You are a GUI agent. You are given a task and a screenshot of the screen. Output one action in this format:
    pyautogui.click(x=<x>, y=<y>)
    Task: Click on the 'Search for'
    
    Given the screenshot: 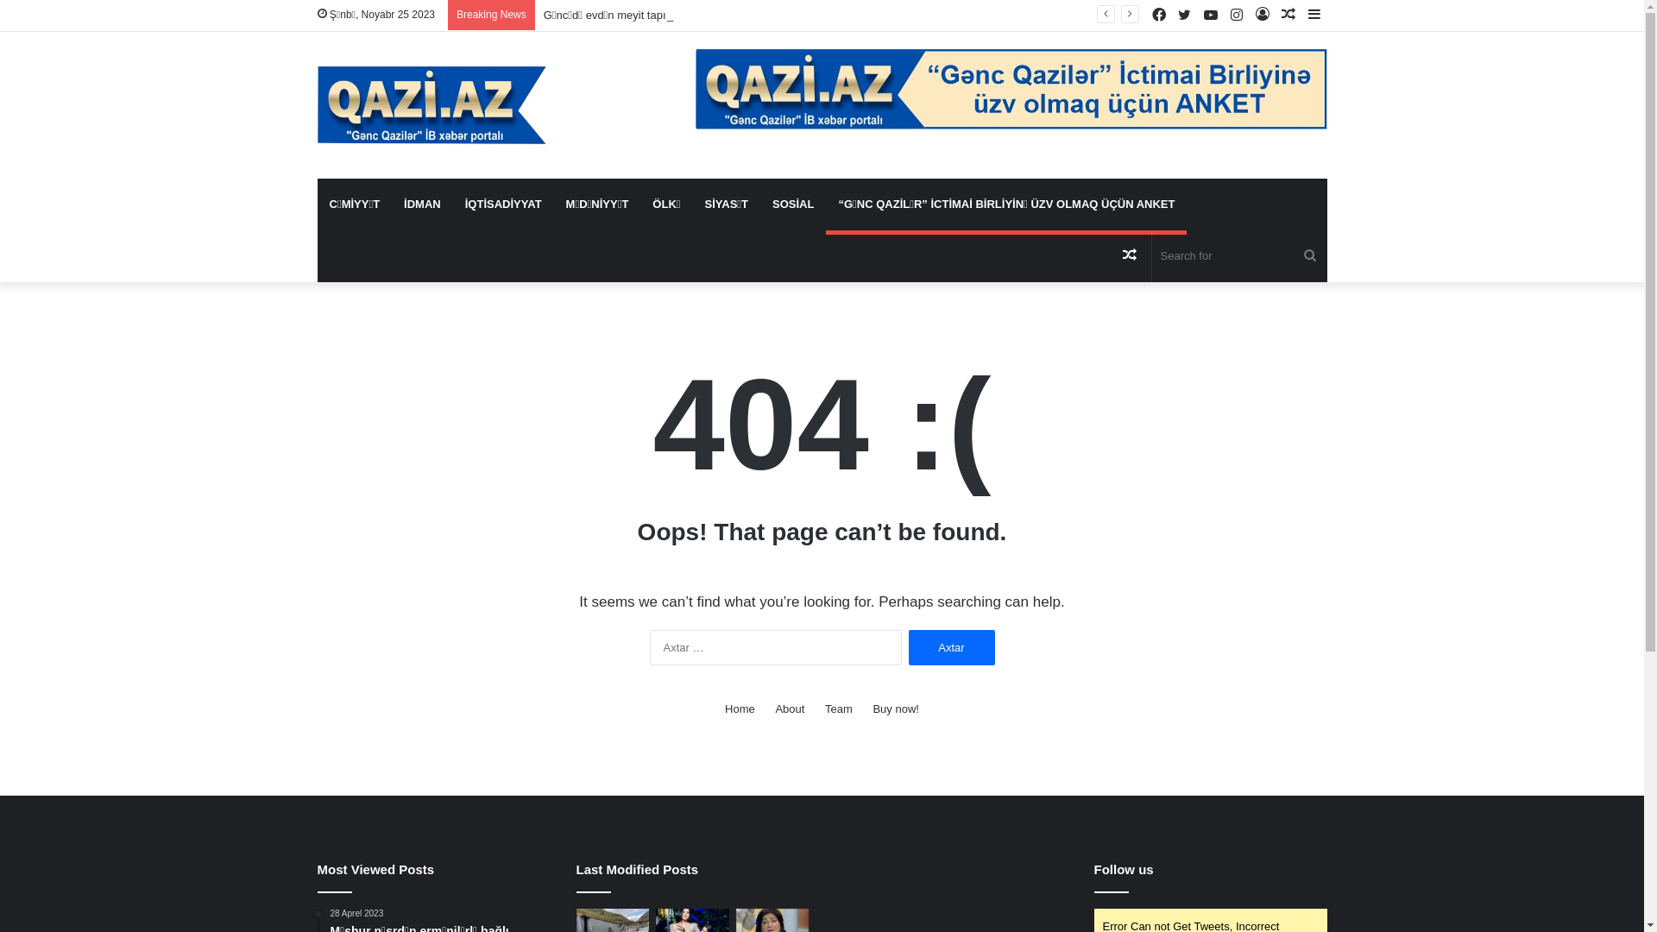 What is the action you would take?
    pyautogui.click(x=1238, y=256)
    